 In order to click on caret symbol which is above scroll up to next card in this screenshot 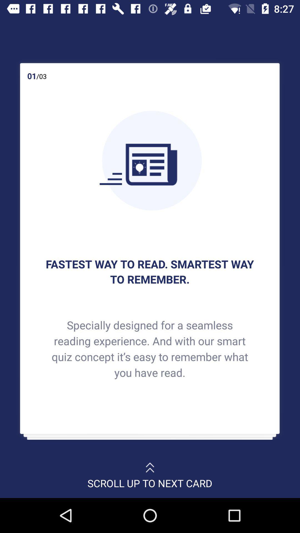, I will do `click(150, 465)`.